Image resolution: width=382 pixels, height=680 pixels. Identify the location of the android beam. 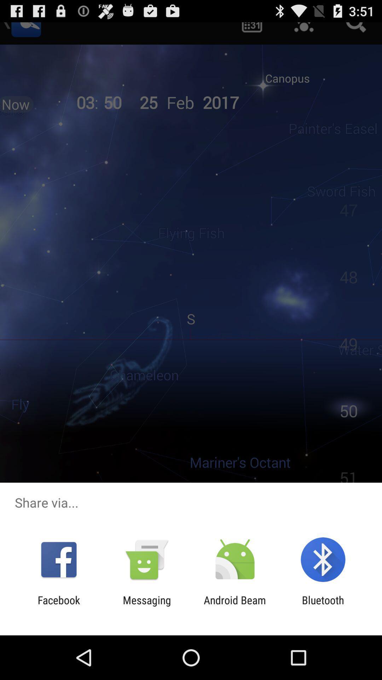
(235, 606).